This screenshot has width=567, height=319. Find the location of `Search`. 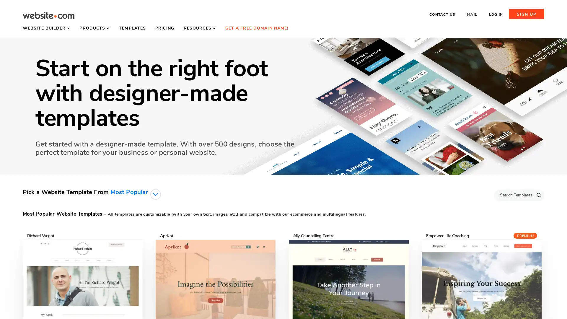

Search is located at coordinates (539, 195).